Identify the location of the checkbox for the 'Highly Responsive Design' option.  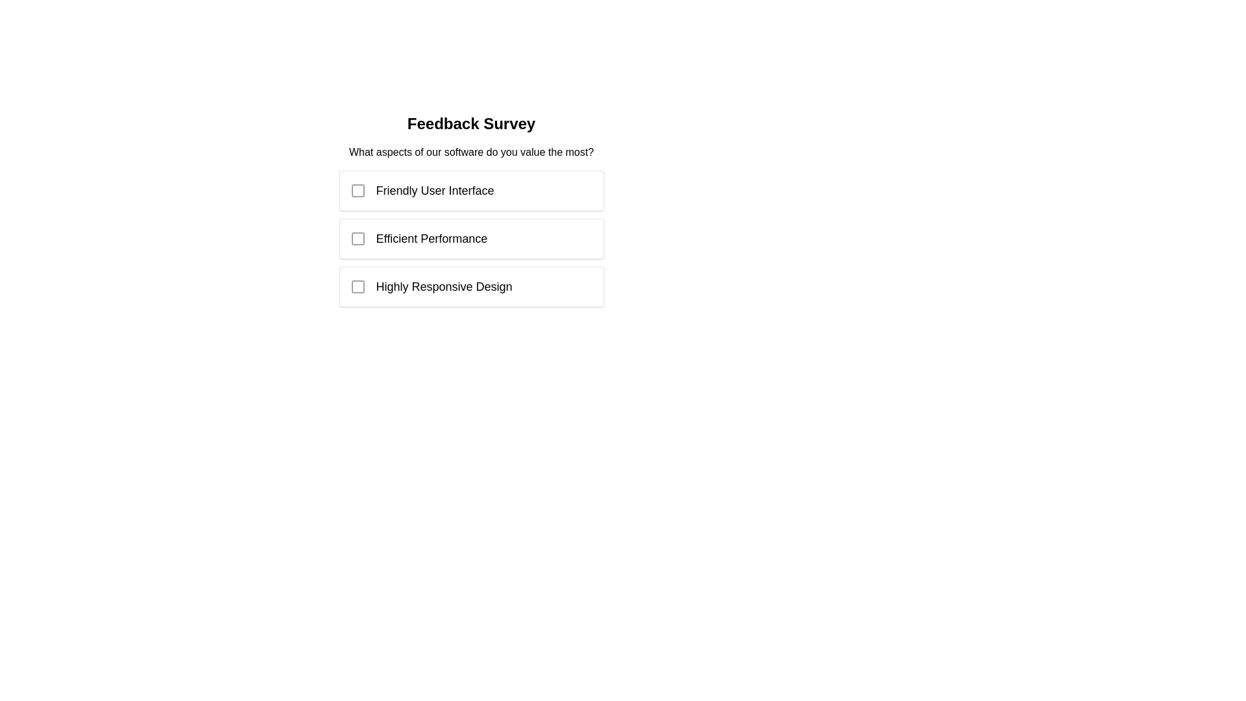
(358, 286).